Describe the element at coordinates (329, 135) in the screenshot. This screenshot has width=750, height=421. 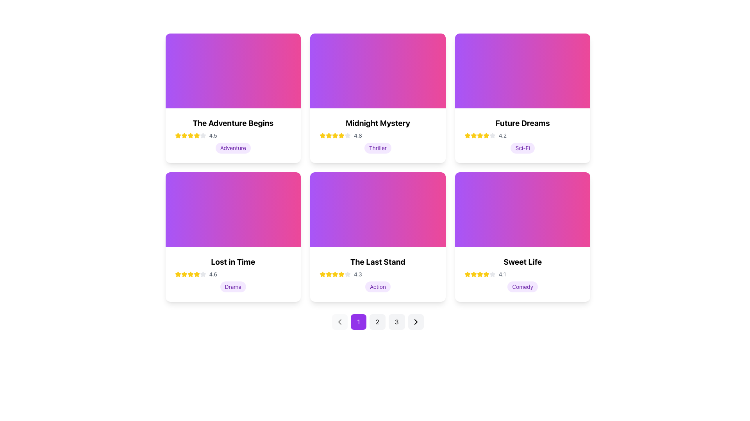
I see `the first star in the five-star rating component of the 'Midnight Mystery' card, which is centrally located above the card title` at that location.